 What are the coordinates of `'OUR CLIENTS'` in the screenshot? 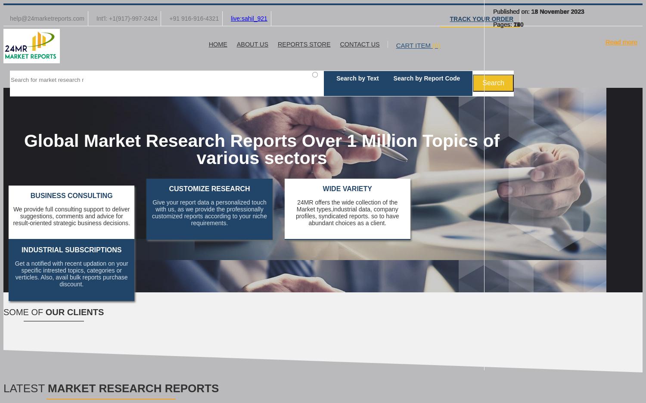 It's located at (45, 312).